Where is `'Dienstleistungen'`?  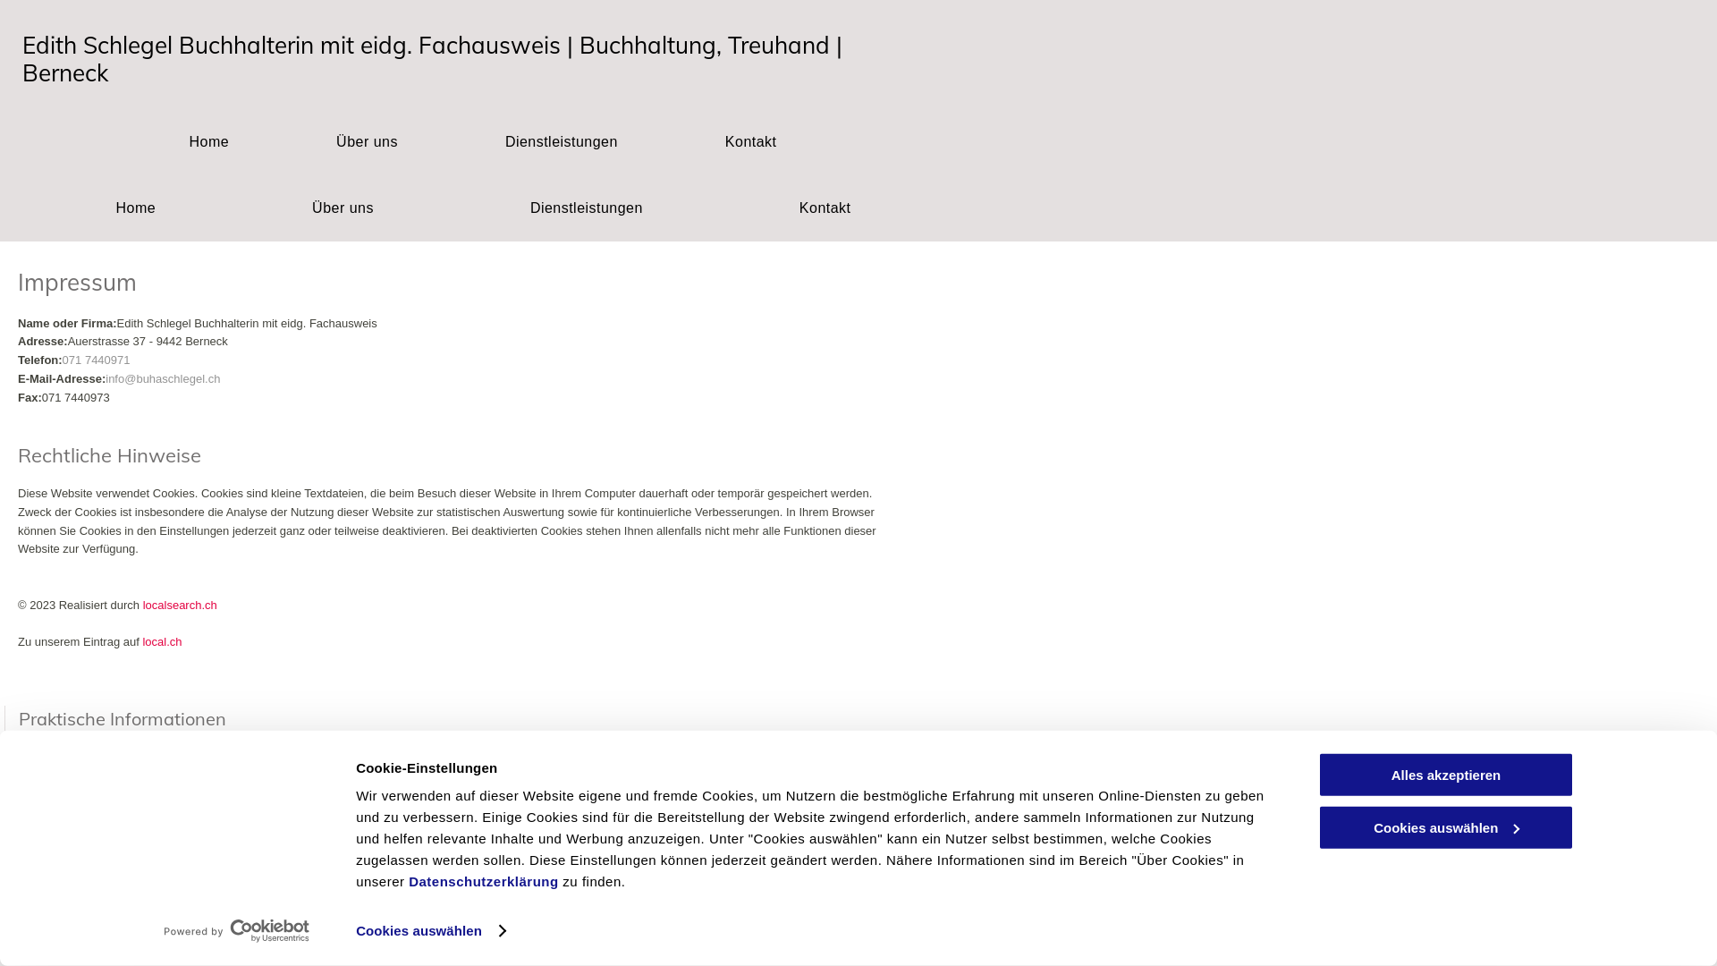
'Dienstleistungen' is located at coordinates (561, 140).